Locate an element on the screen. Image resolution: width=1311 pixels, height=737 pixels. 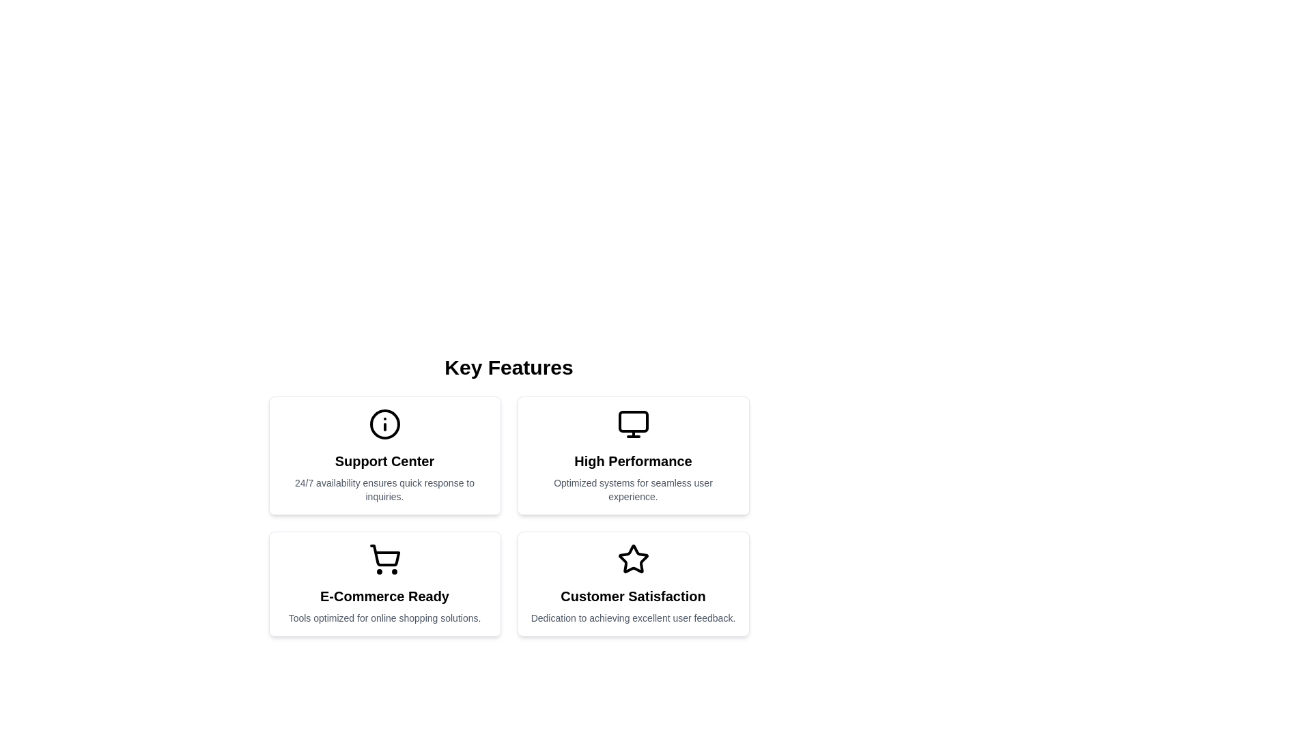
the shopping cart icon located in the fourth card labeled 'E-Commerce Ready', which is styled with rounded corners and lines, positioned at the top of its card is located at coordinates (384, 555).